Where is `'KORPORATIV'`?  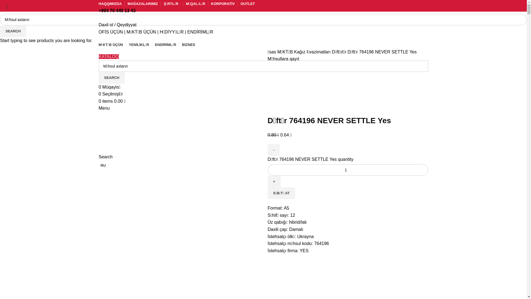 'KORPORATIV' is located at coordinates (211, 4).